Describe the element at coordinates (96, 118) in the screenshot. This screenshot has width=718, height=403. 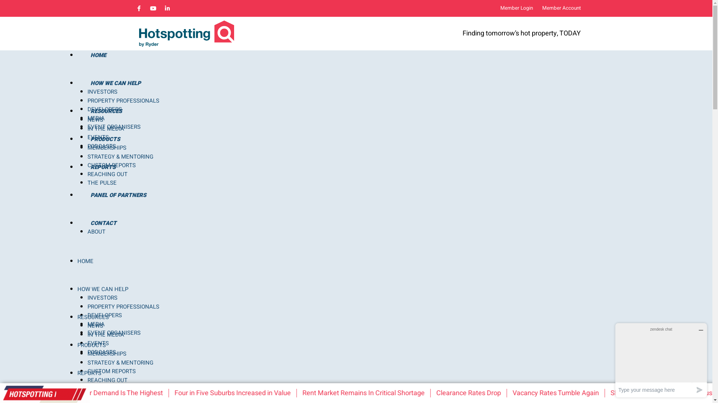
I see `'MEDIA'` at that location.